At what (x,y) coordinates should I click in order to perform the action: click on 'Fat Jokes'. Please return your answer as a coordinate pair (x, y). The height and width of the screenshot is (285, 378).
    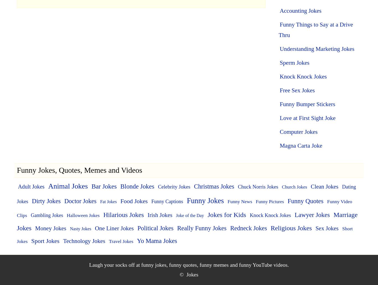
    Looking at the image, I should click on (108, 201).